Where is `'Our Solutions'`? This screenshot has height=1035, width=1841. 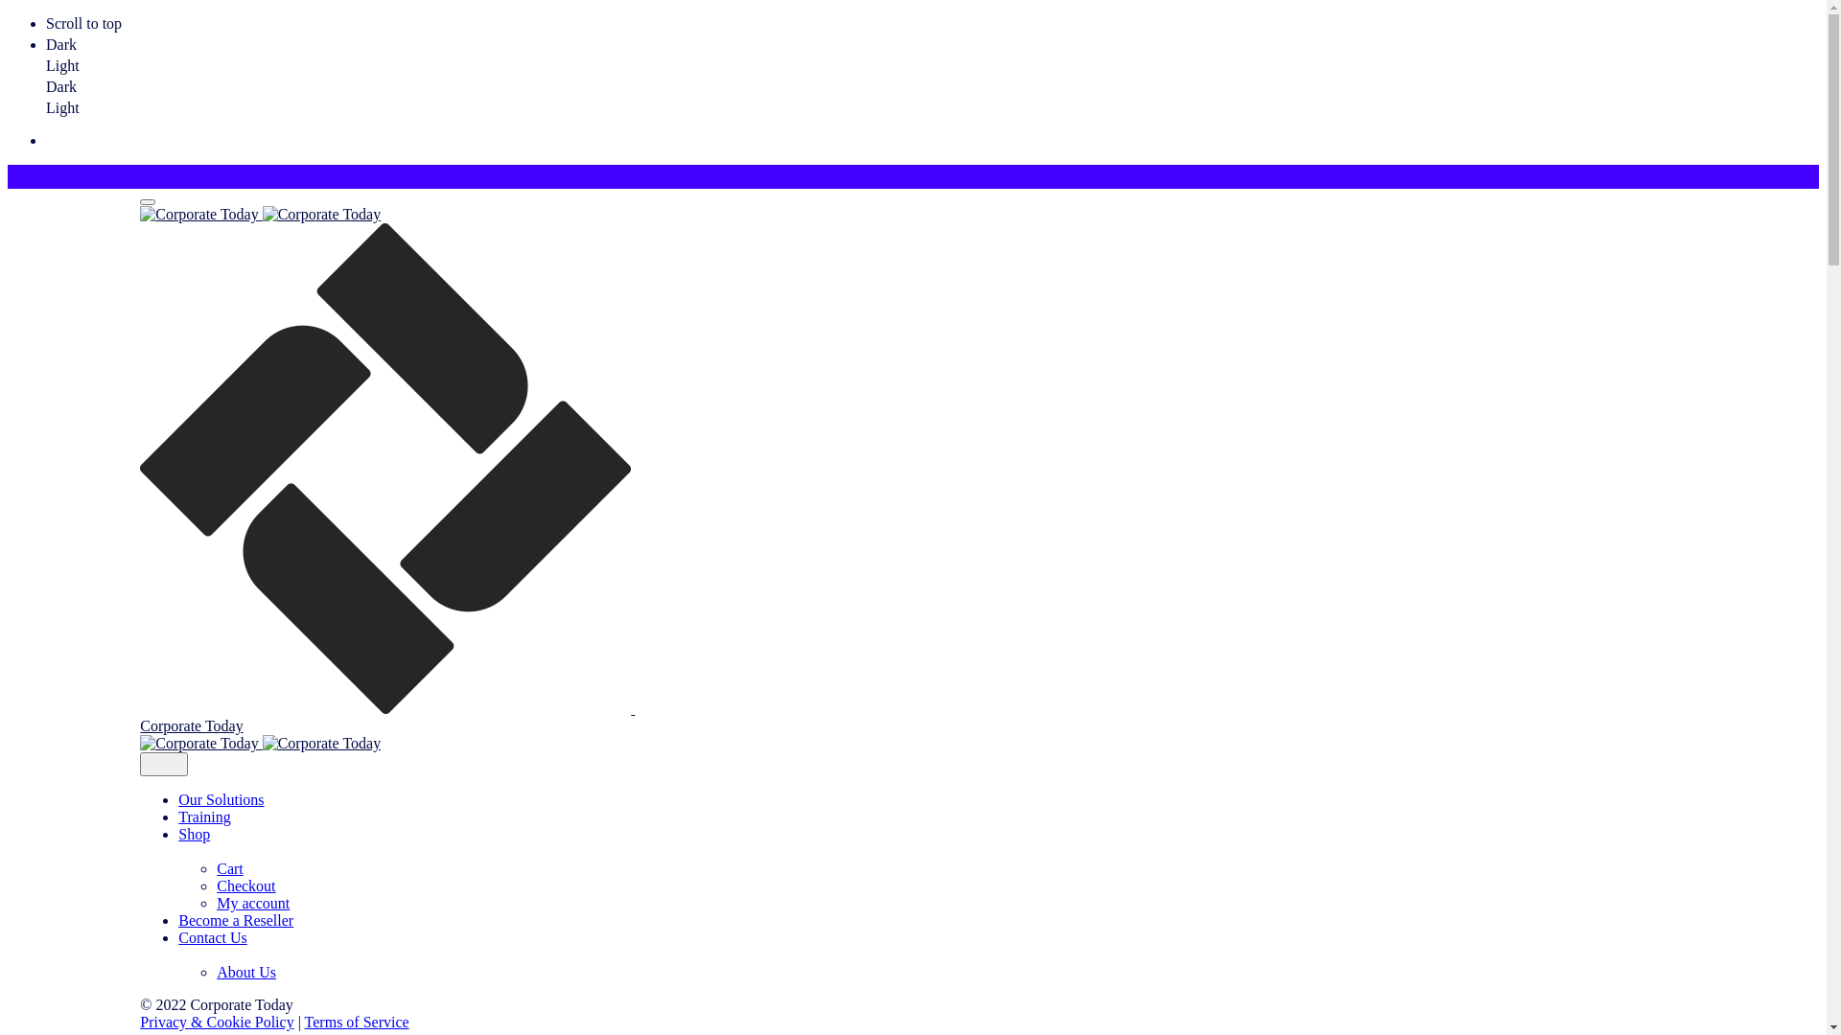 'Our Solutions' is located at coordinates (221, 799).